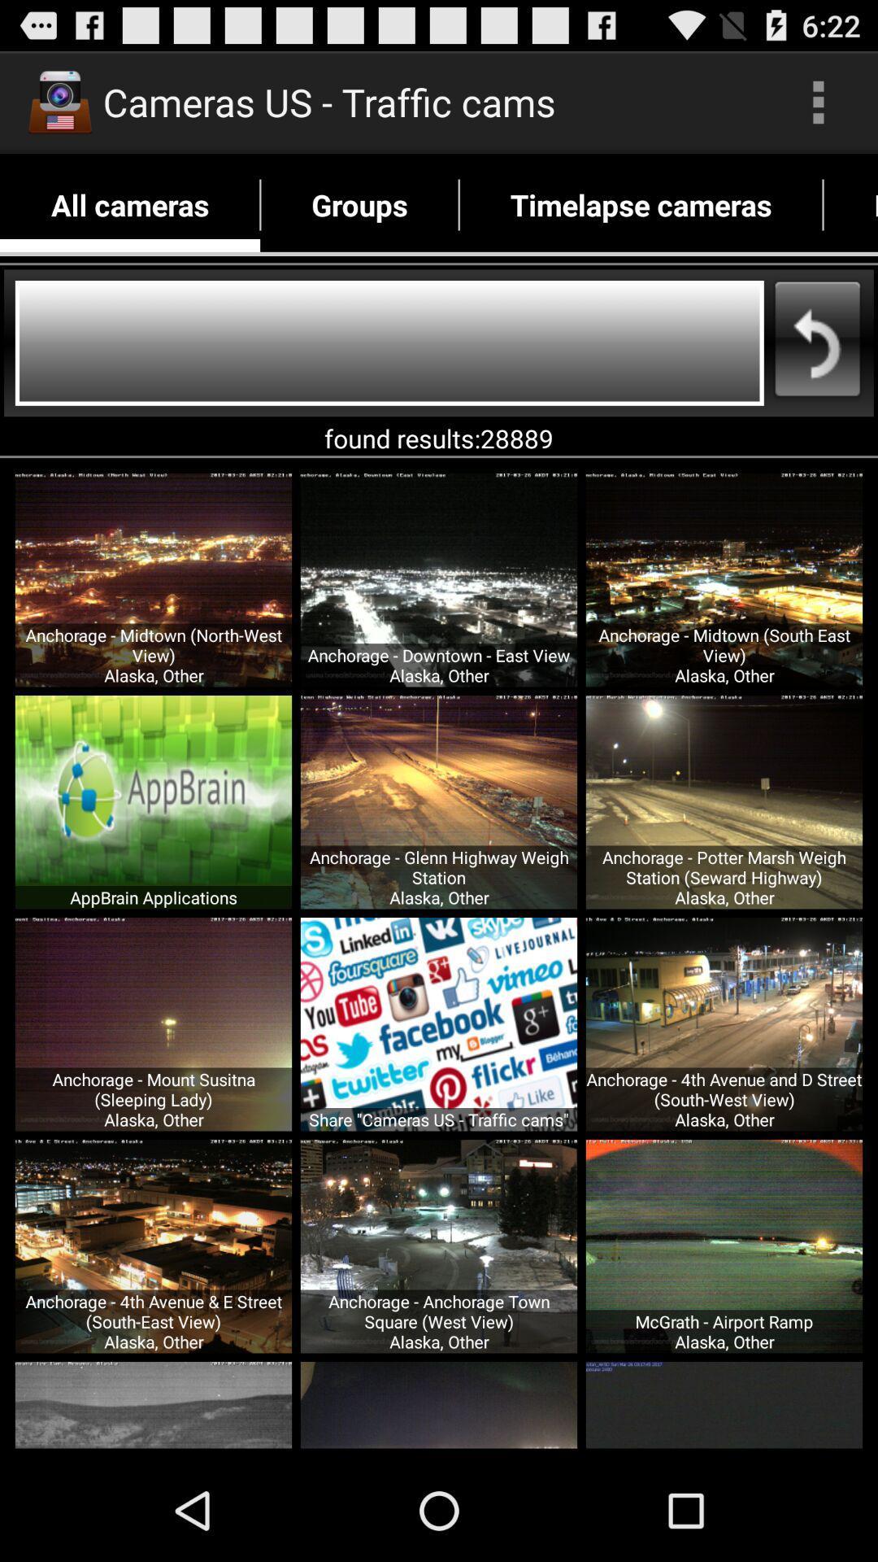  I want to click on the item next to timelapse cameras icon, so click(359, 204).